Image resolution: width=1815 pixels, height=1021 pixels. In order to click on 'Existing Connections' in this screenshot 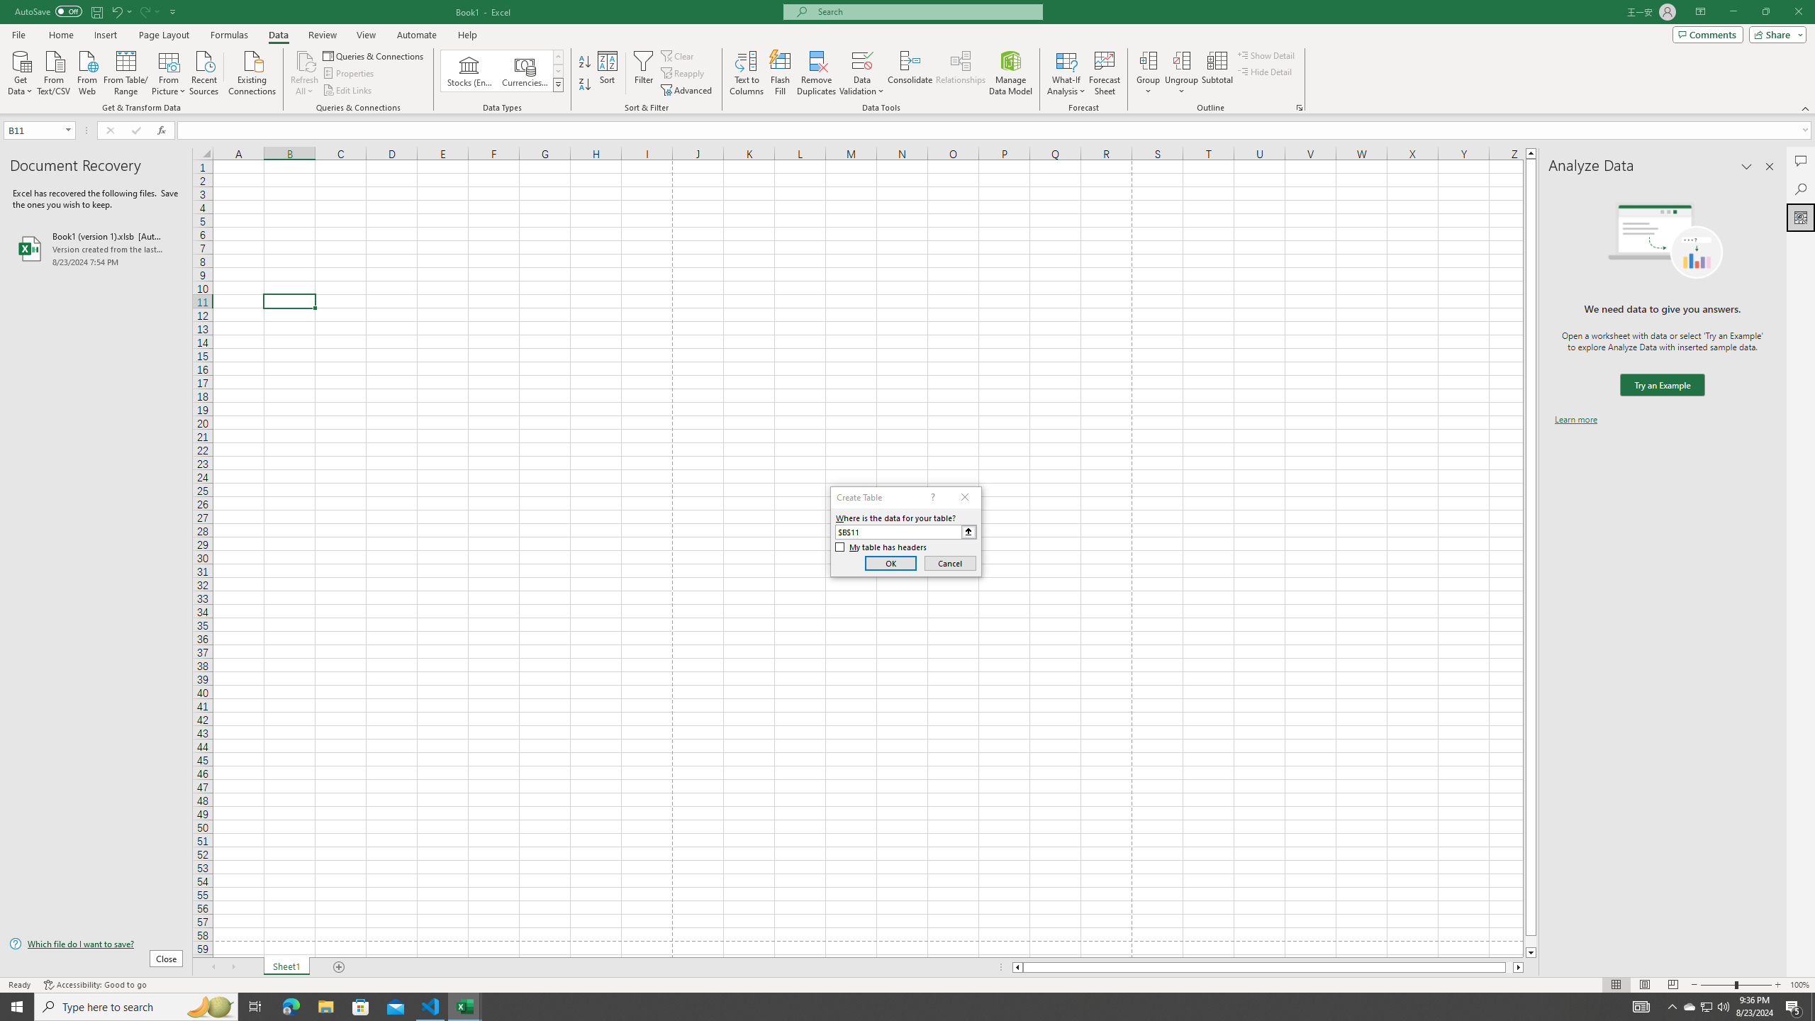, I will do `click(251, 71)`.